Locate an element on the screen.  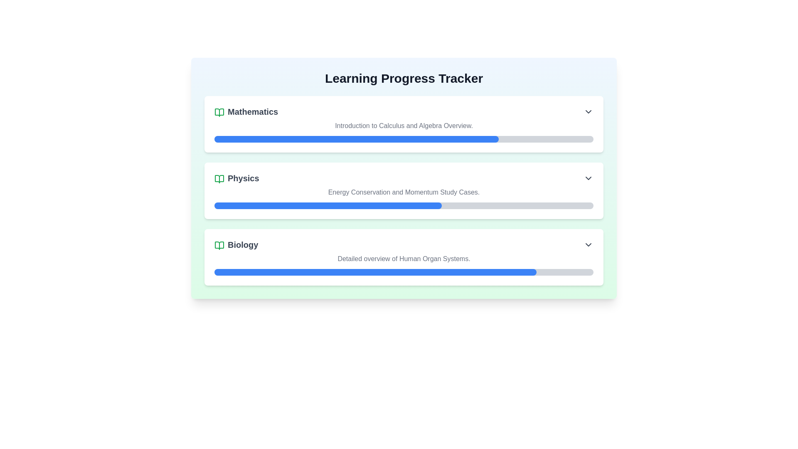
the 'Biology' subject icon located to the immediate left of the word 'Biology' in the third section of the learning progress tracker is located at coordinates (219, 245).